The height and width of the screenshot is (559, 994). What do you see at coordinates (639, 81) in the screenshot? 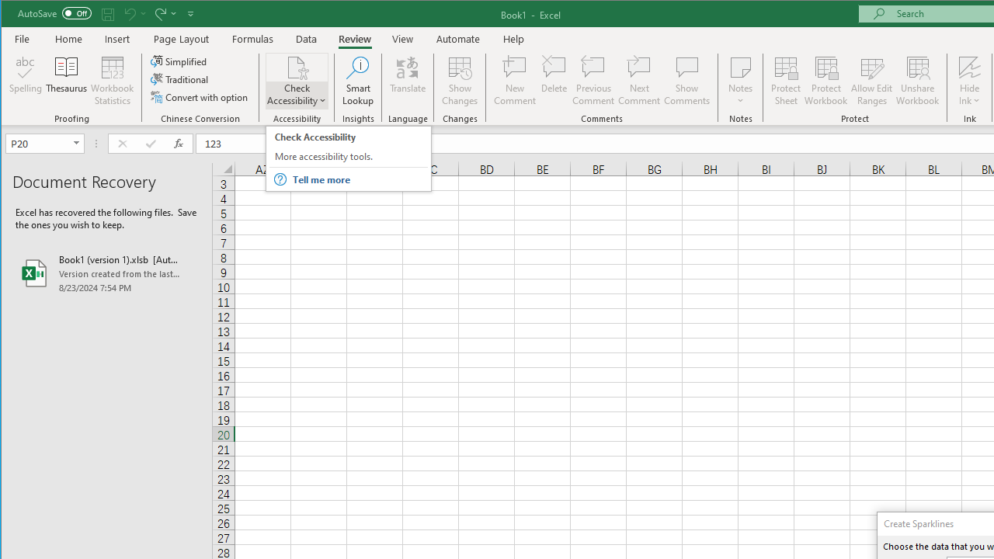
I see `'Next Comment'` at bounding box center [639, 81].